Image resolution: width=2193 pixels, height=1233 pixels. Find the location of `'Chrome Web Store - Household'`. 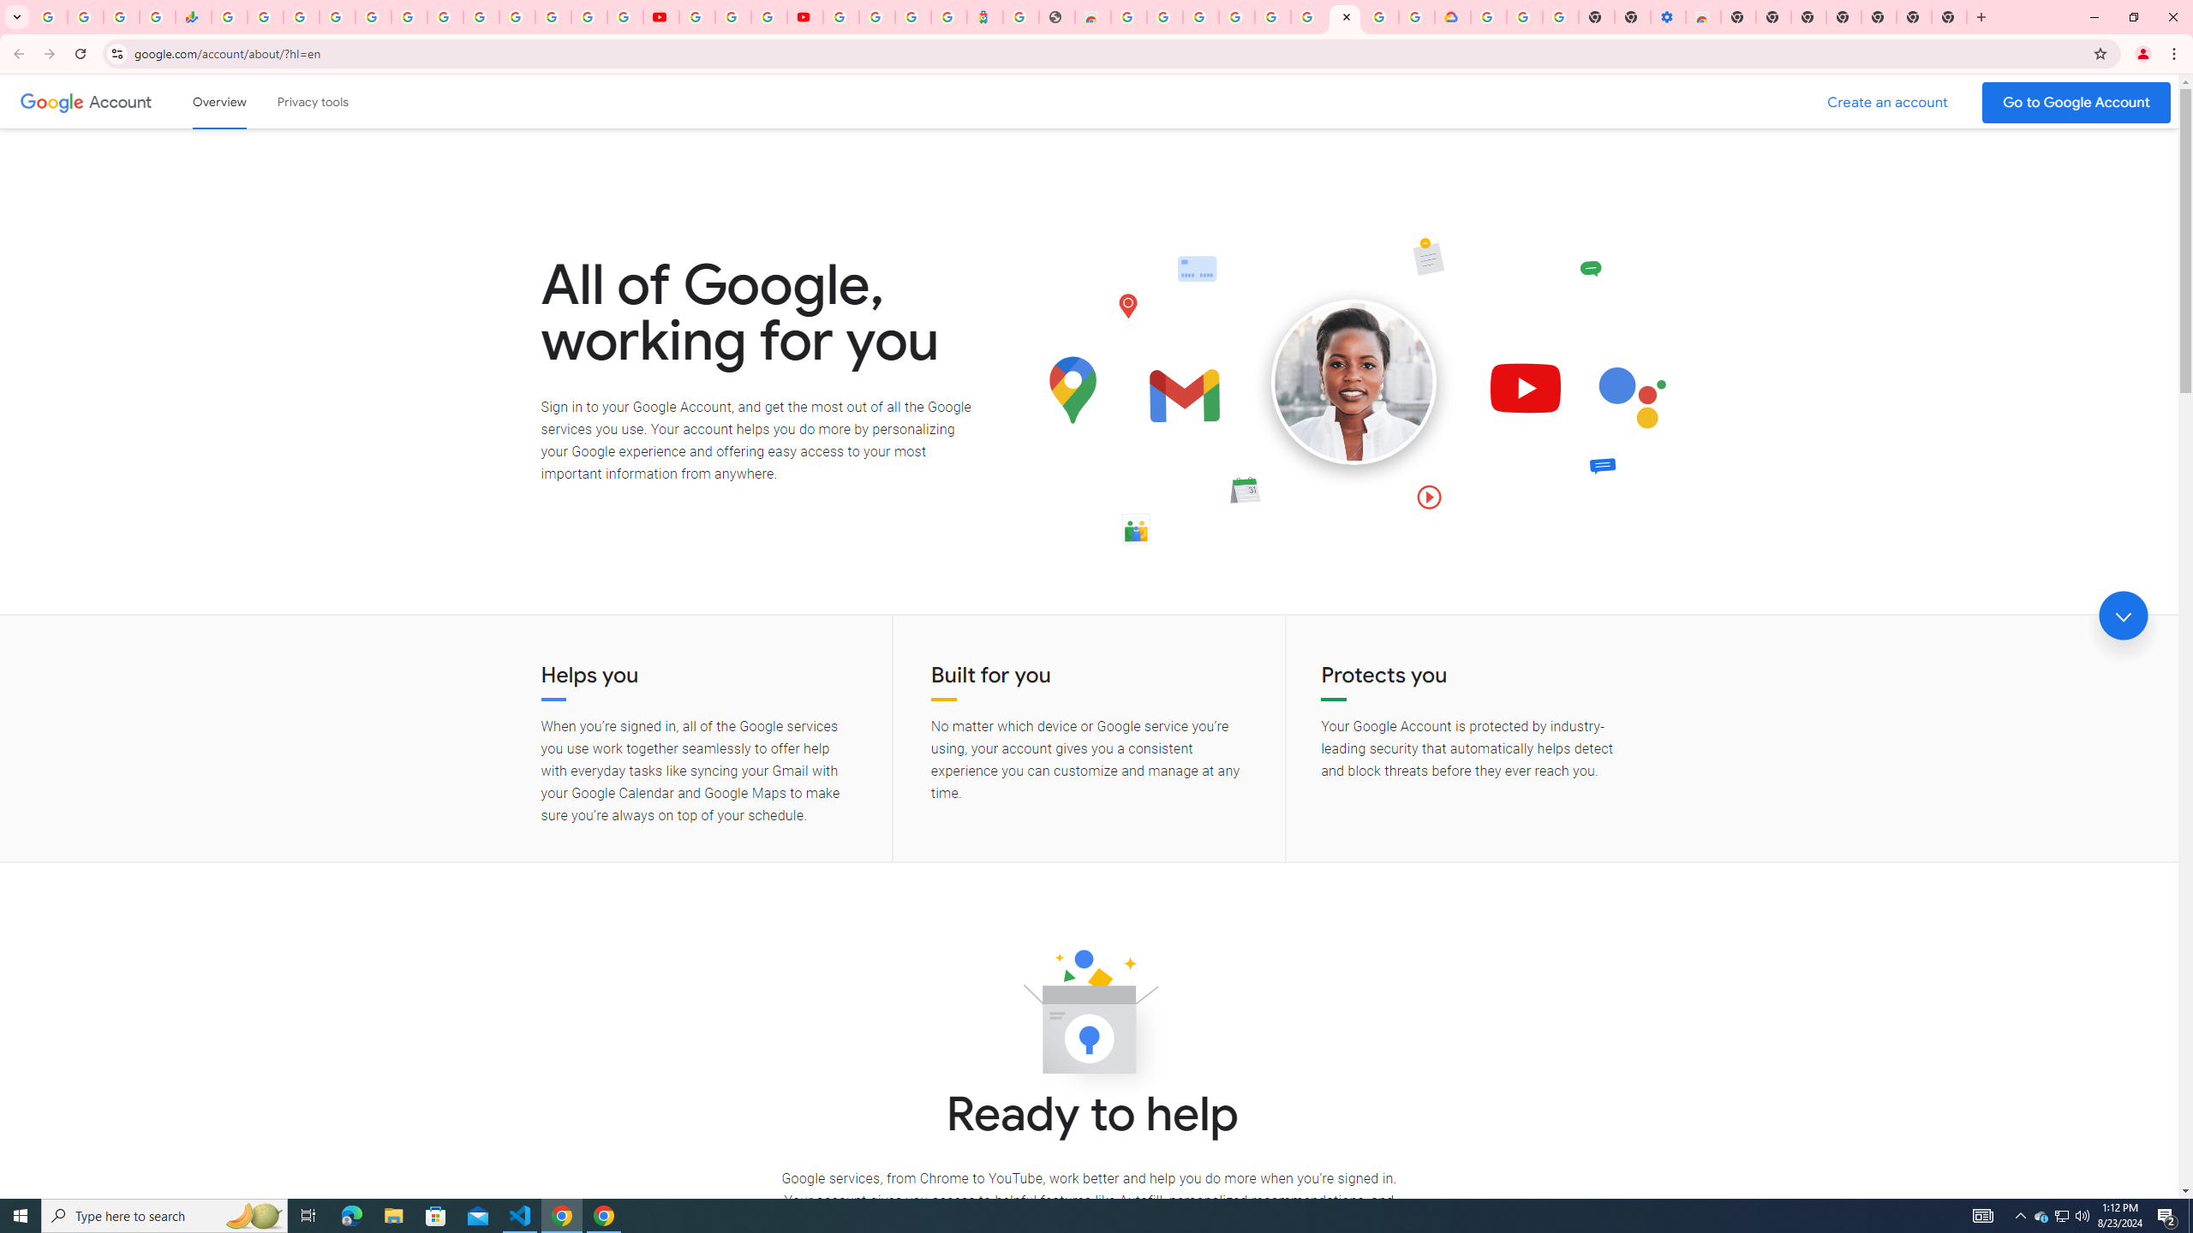

'Chrome Web Store - Household' is located at coordinates (1092, 16).